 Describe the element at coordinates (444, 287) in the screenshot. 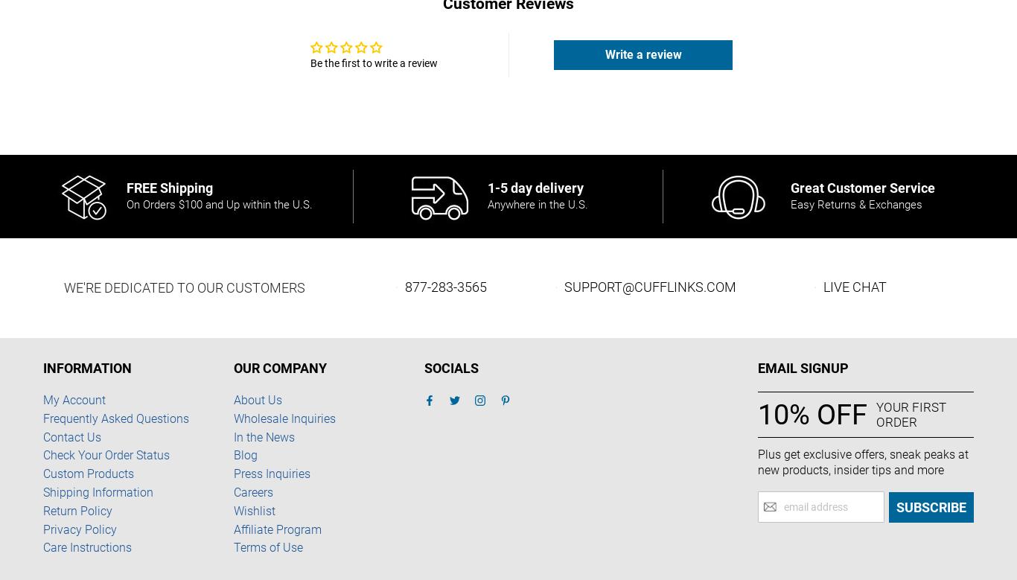

I see `'877-283-3565'` at that location.